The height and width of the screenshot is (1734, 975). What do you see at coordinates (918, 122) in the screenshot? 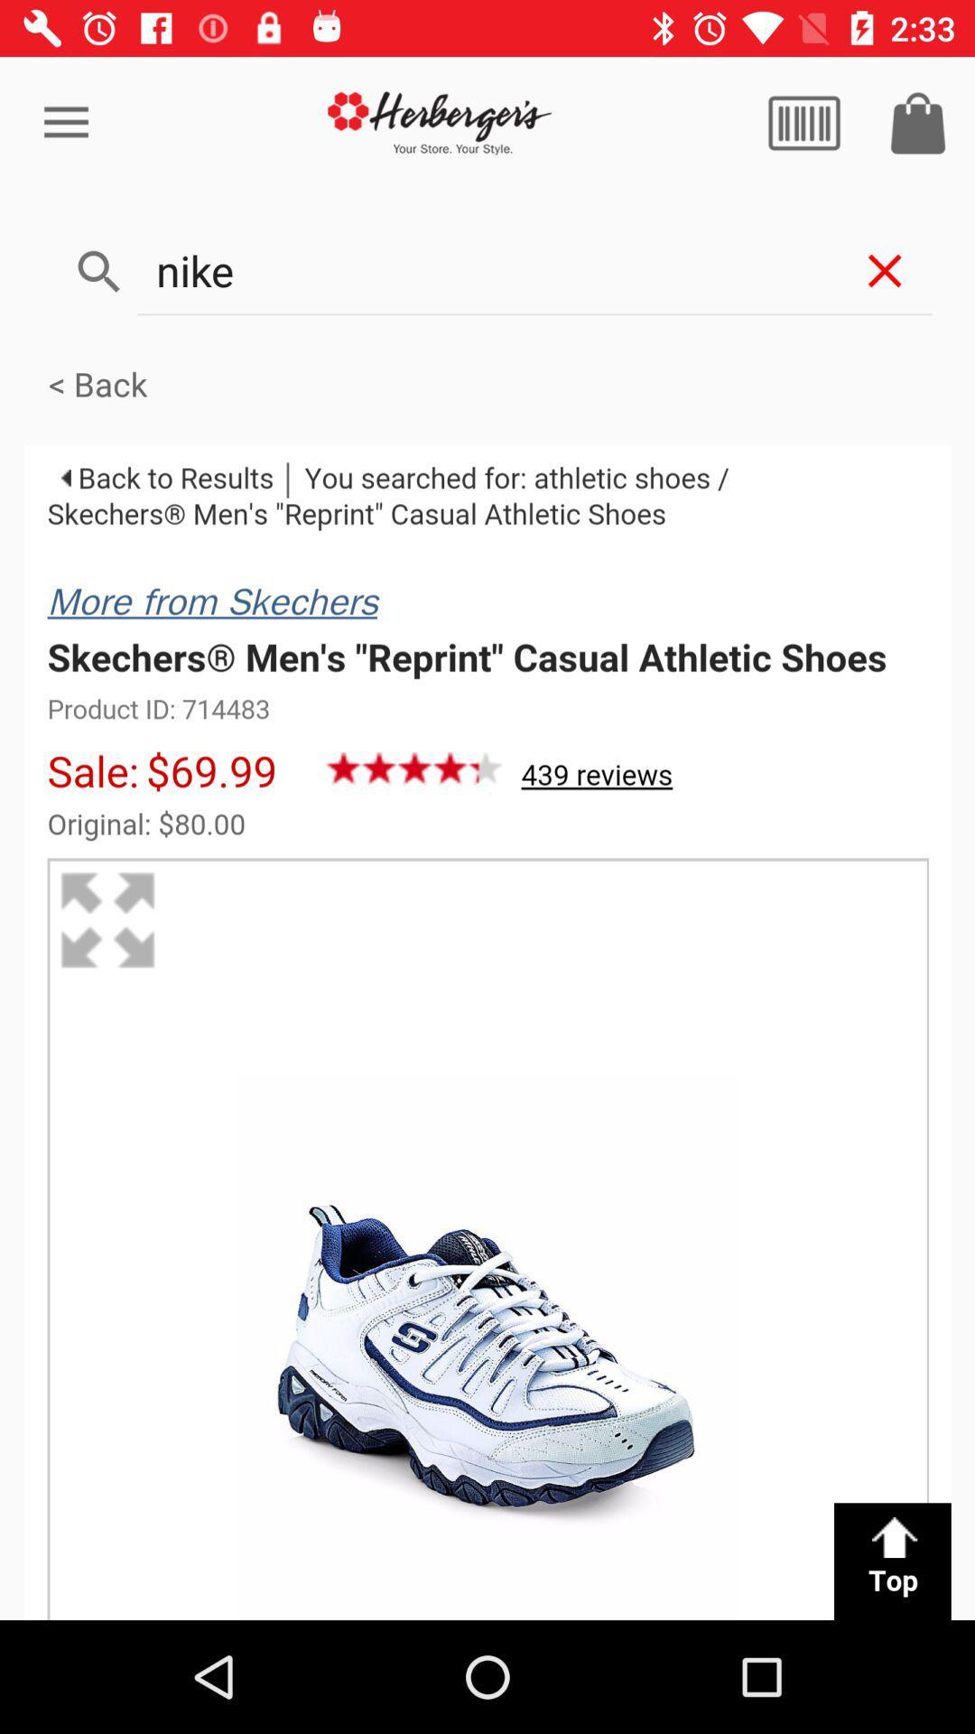
I see `click the bag` at bounding box center [918, 122].